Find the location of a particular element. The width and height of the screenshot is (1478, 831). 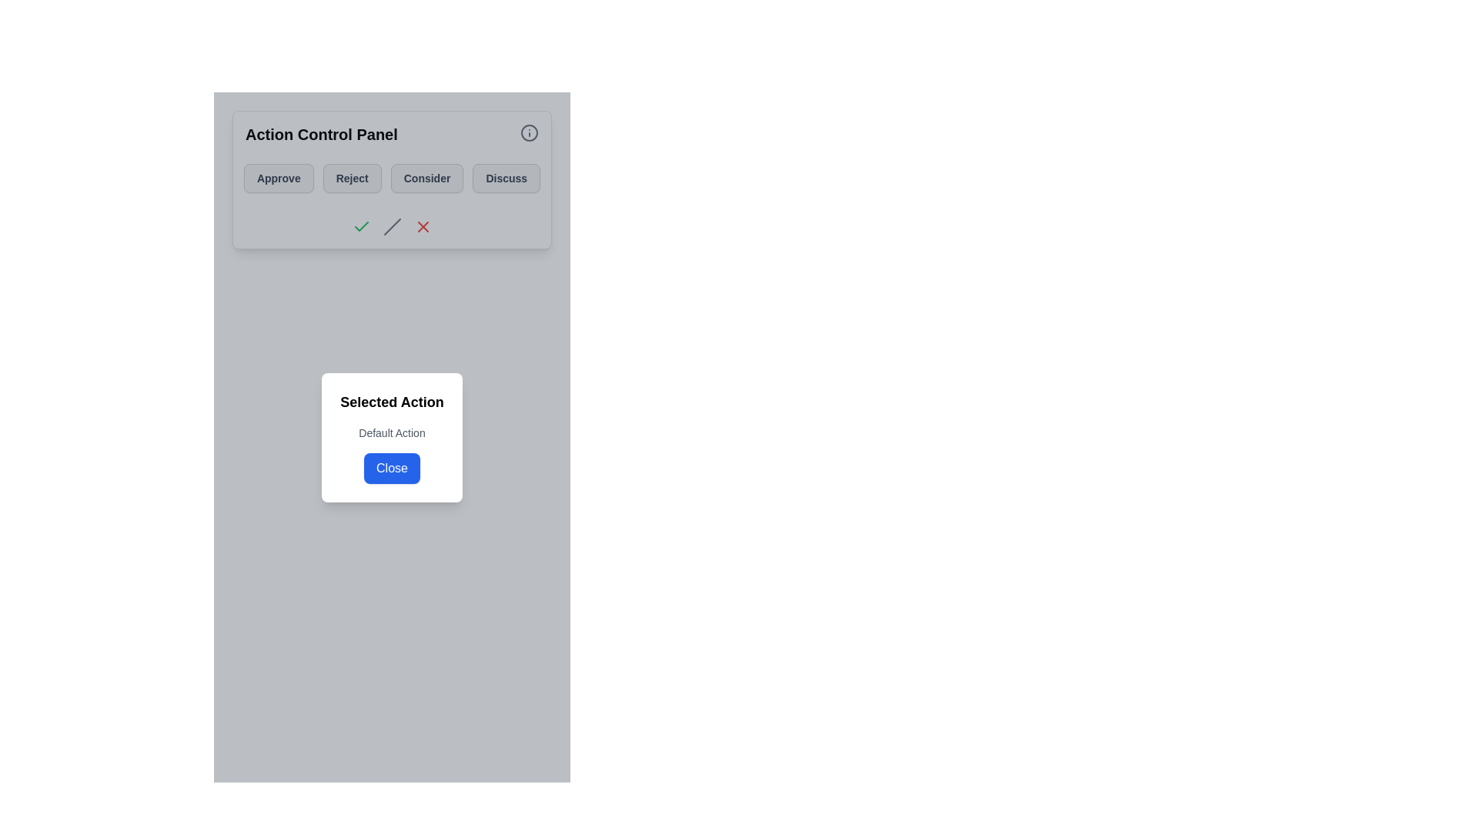

the circular grayish icon with an exclamation mark inside, located is located at coordinates (529, 132).